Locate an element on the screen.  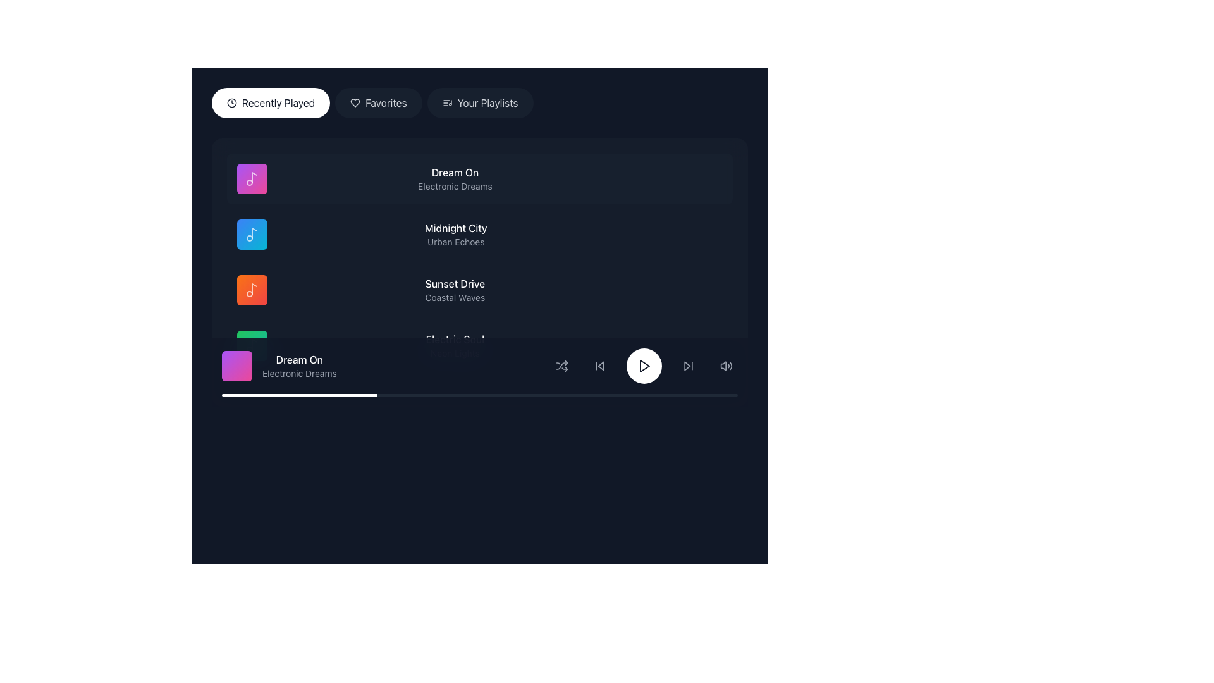
the 'Your Playlists' text label element in the top navigation bar for accessibility is located at coordinates (487, 102).